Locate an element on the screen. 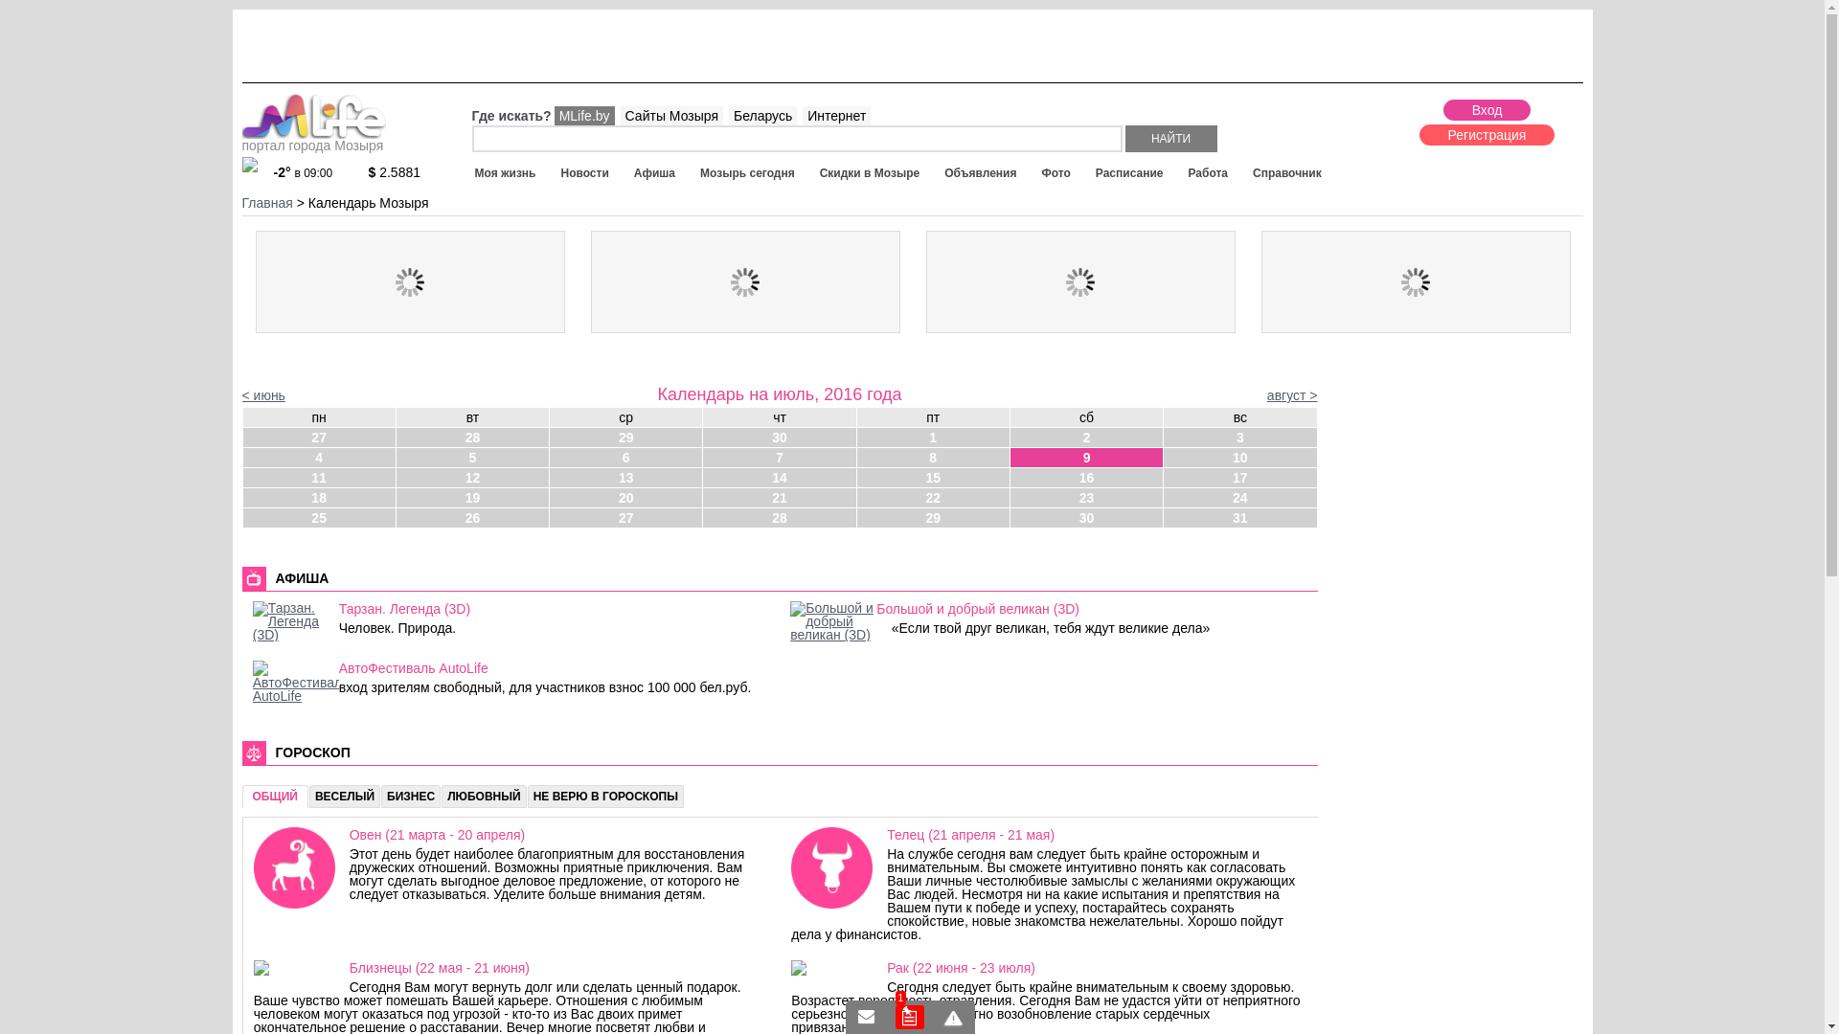 The image size is (1839, 1034). '15' is located at coordinates (933, 476).